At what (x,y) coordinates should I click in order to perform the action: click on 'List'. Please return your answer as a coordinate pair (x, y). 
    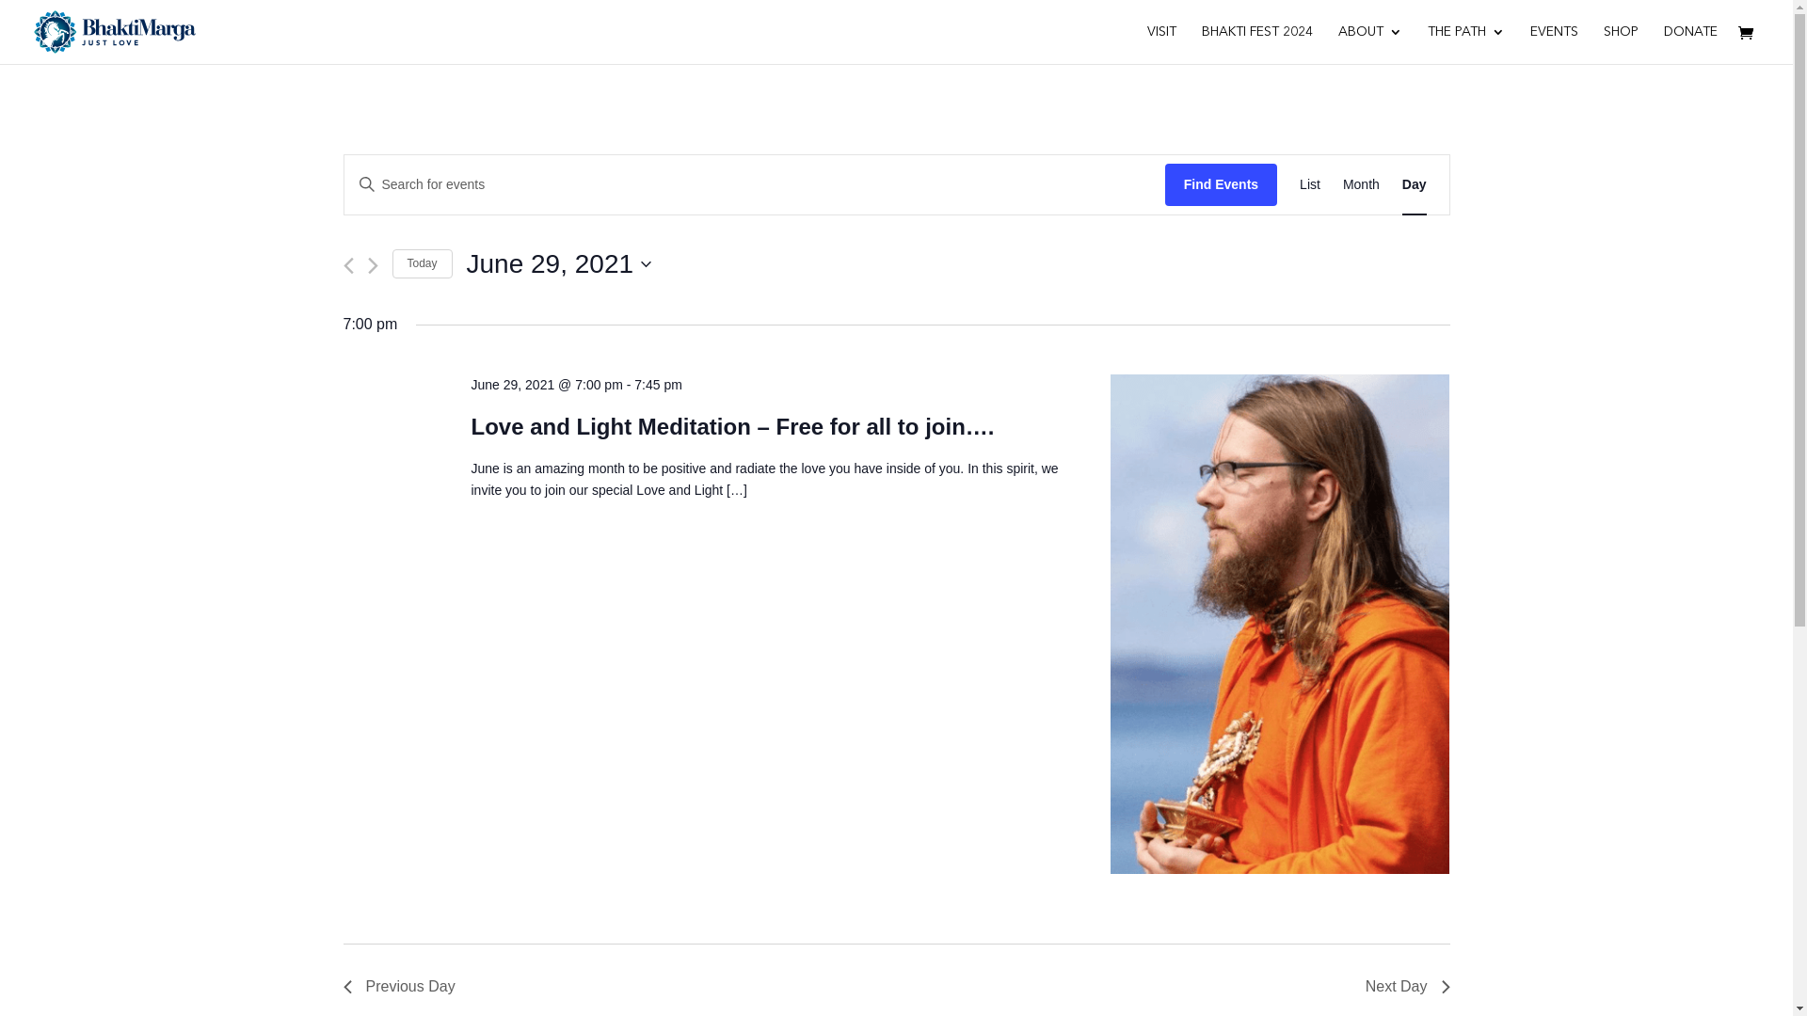
    Looking at the image, I should click on (1309, 184).